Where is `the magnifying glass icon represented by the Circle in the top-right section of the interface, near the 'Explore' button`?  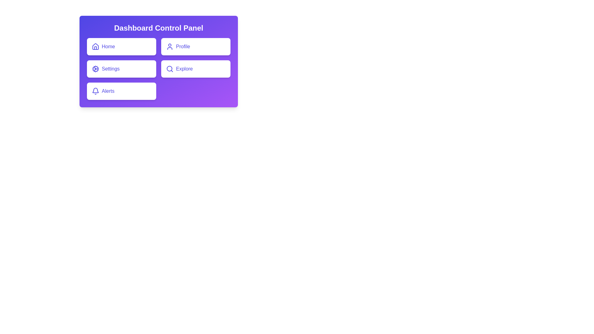
the magnifying glass icon represented by the Circle in the top-right section of the interface, near the 'Explore' button is located at coordinates (169, 69).